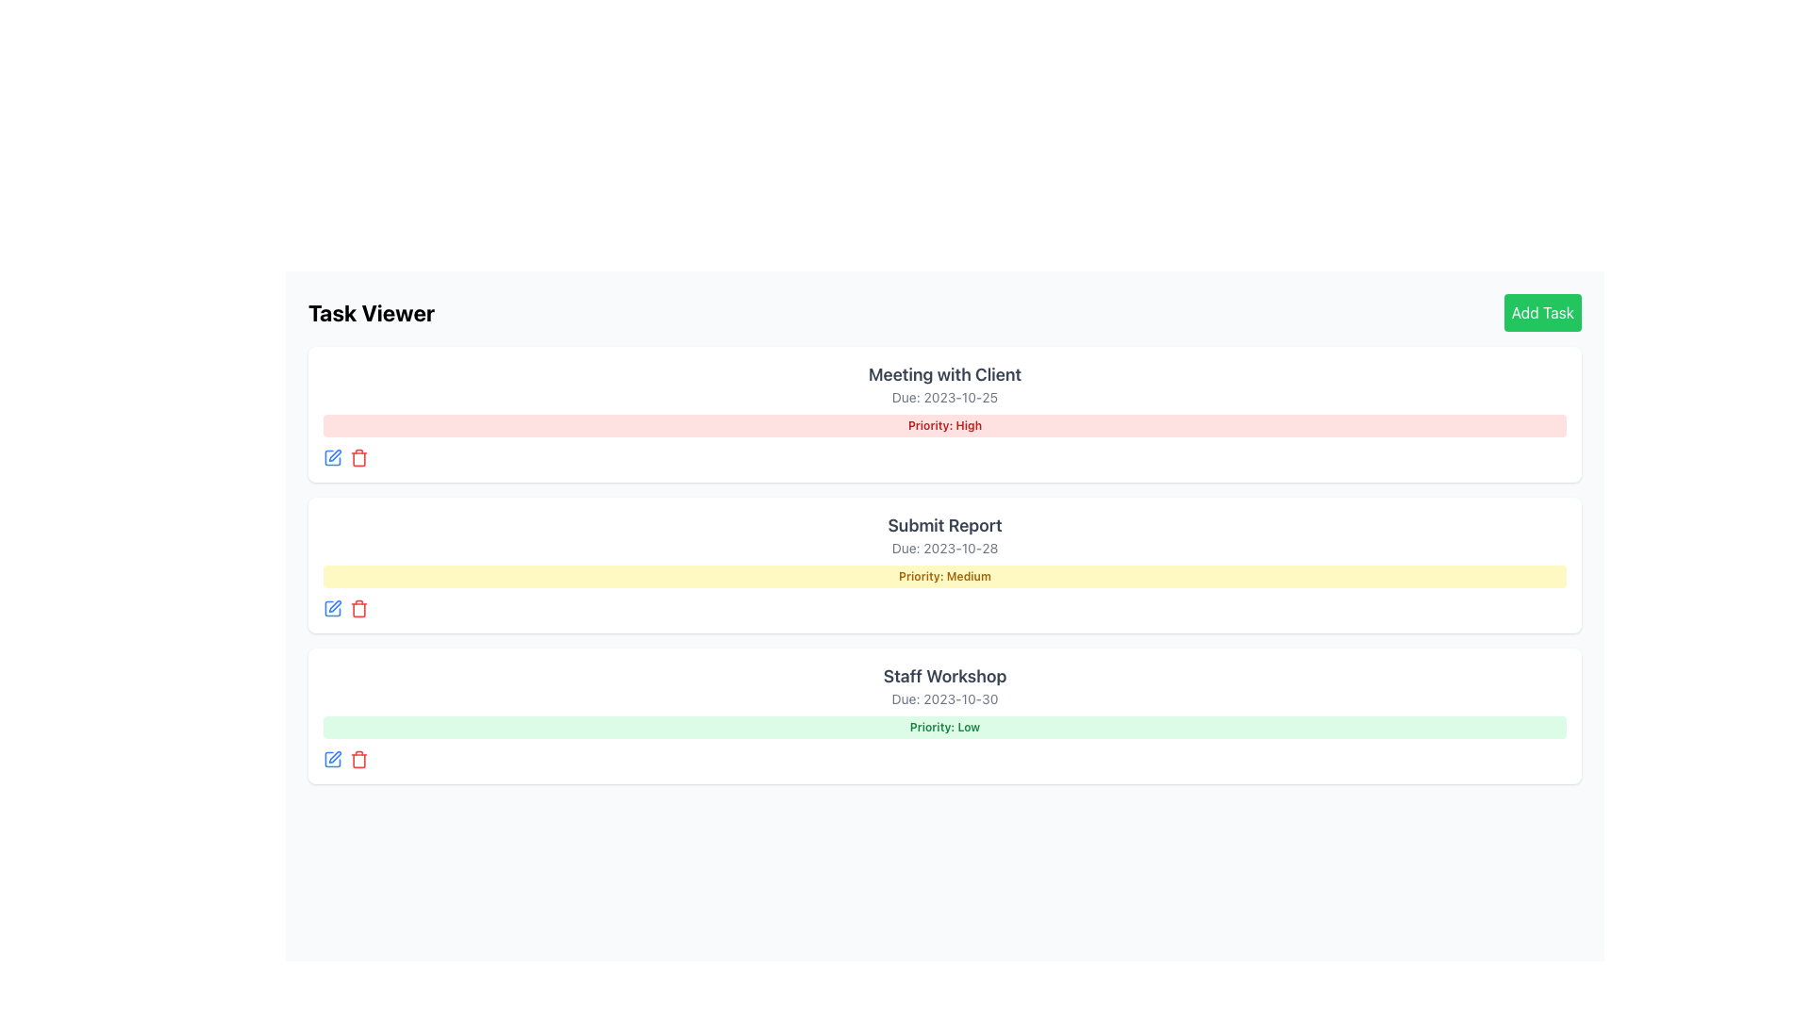 The image size is (1811, 1018). Describe the element at coordinates (358, 608) in the screenshot. I see `the red trash can icon button in the task list interface` at that location.